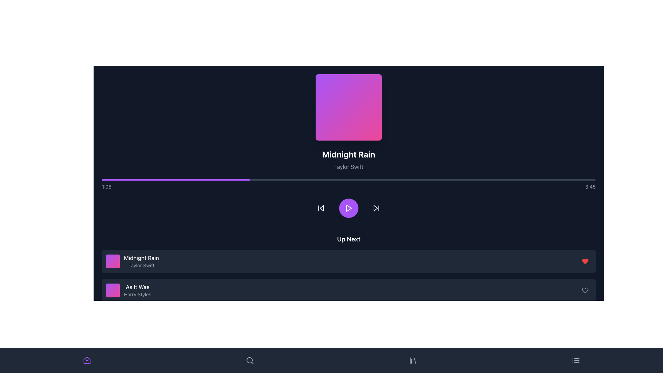 The width and height of the screenshot is (663, 373). I want to click on the progress bar, so click(206, 179).